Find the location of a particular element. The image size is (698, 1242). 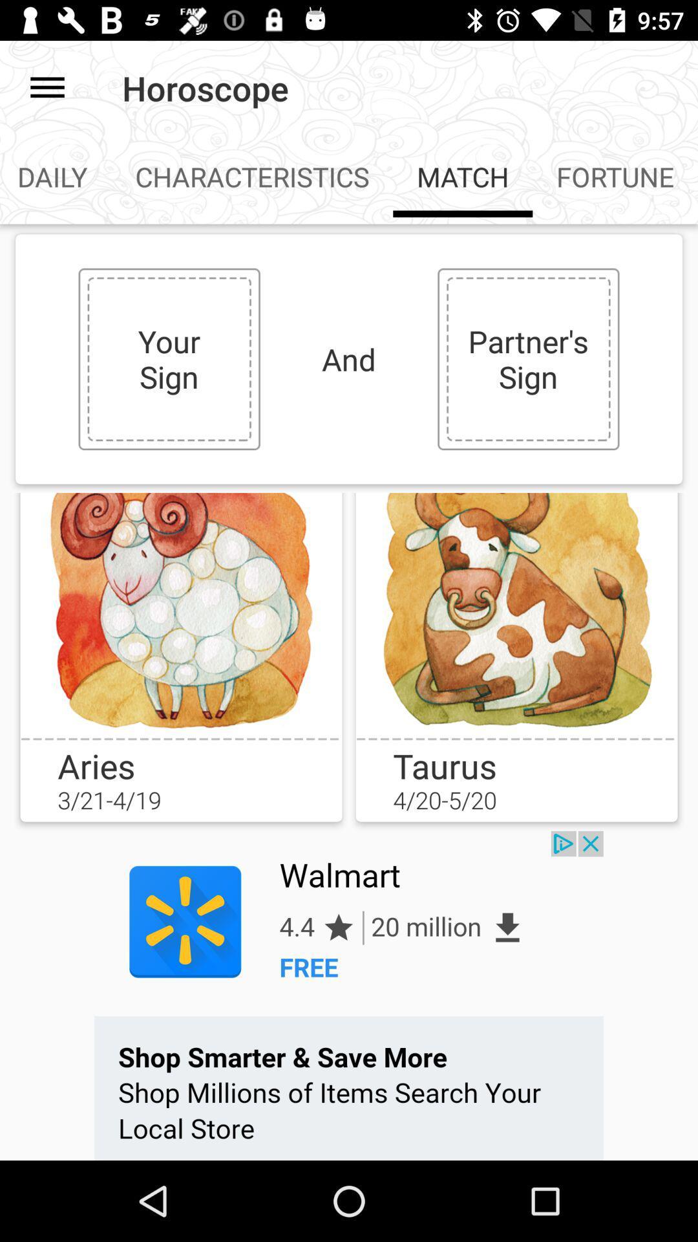

advertisement page is located at coordinates (349, 995).